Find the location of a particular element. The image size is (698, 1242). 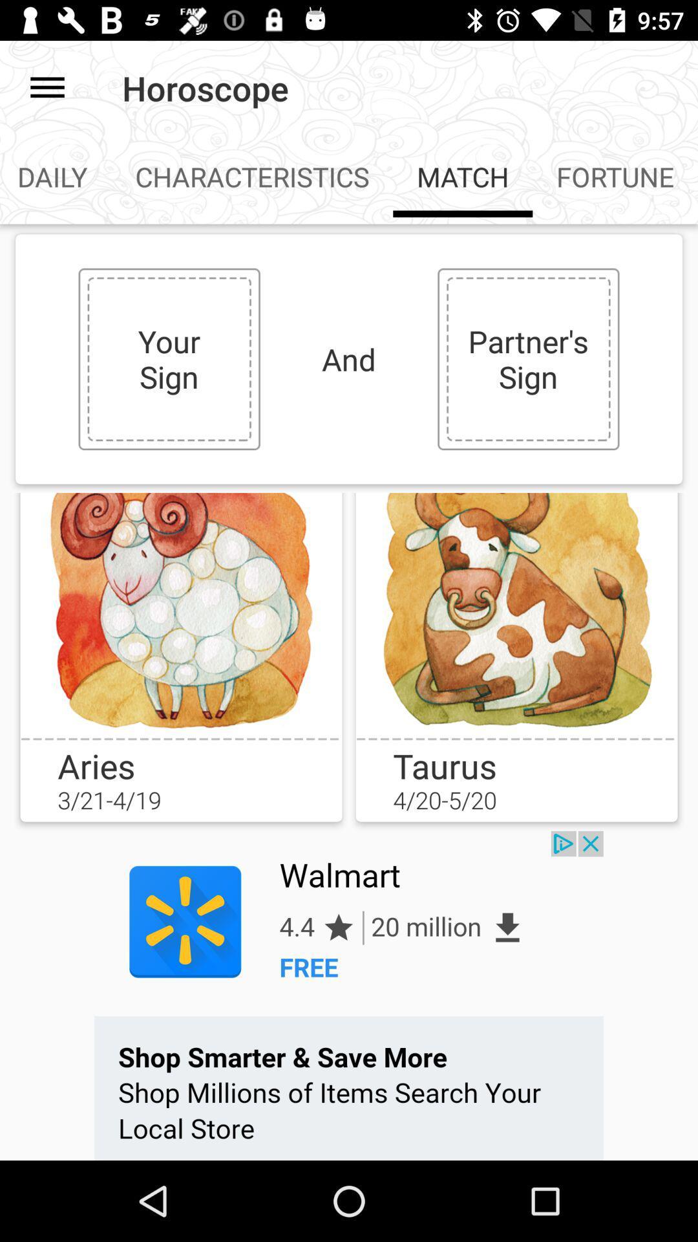

advertisement page is located at coordinates (349, 995).